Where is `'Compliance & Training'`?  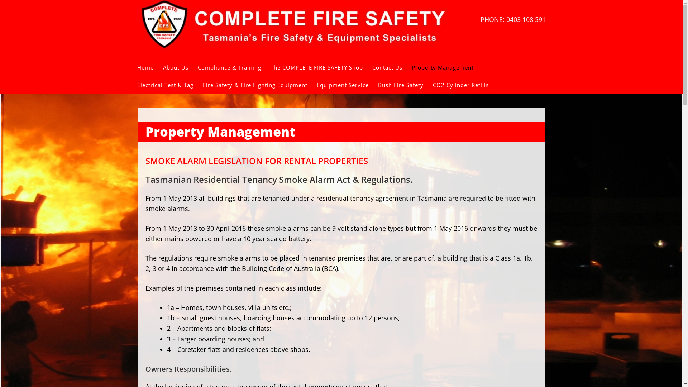
'Compliance & Training' is located at coordinates (234, 67).